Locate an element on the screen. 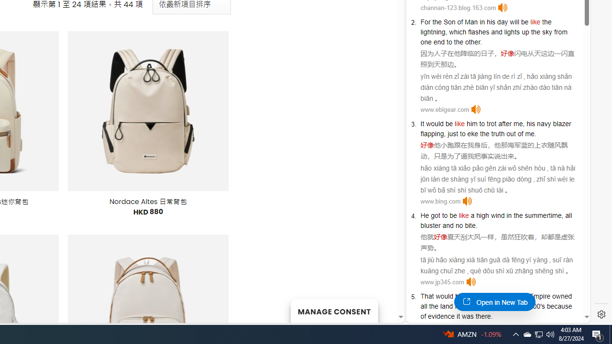  'wind' is located at coordinates (497, 215).